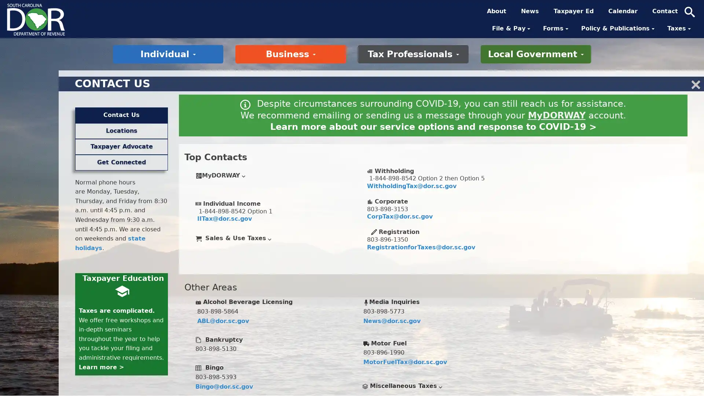  What do you see at coordinates (556, 28) in the screenshot?
I see `Forms` at bounding box center [556, 28].